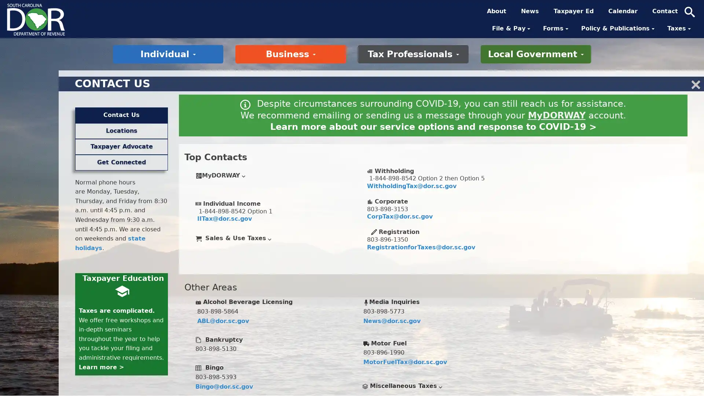  What do you see at coordinates (556, 28) in the screenshot?
I see `Forms` at bounding box center [556, 28].